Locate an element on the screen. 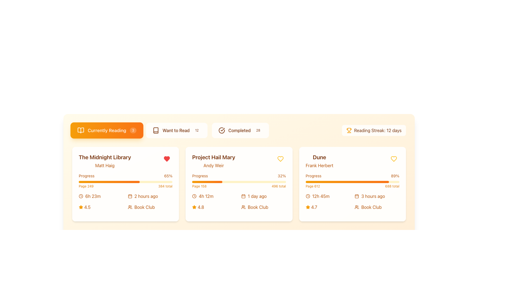 The image size is (527, 296). the clock icon that visually represents time, located to the left of the '4h 12m' text in the second card of the 'Currently Reading' section is located at coordinates (194, 196).